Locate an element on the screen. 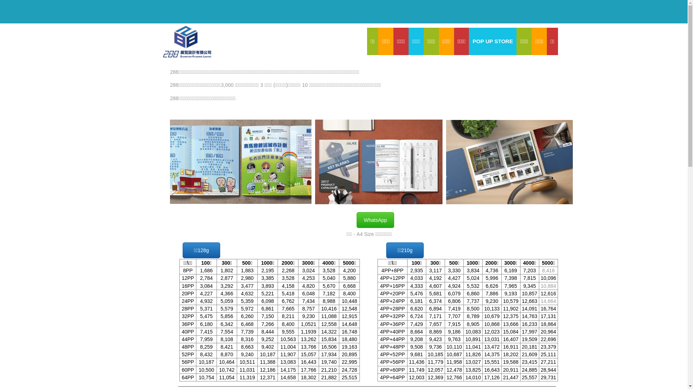 The height and width of the screenshot is (389, 693). 'POP UP STORE' is located at coordinates (492, 41).